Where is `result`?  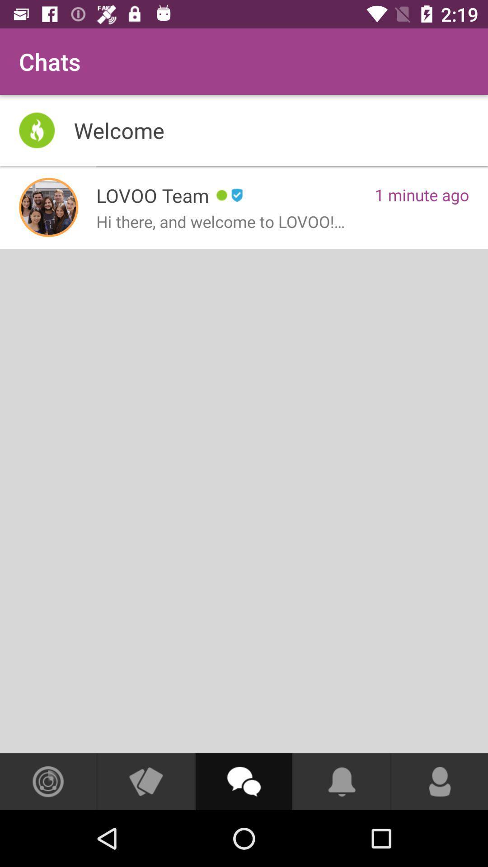 result is located at coordinates (48, 207).